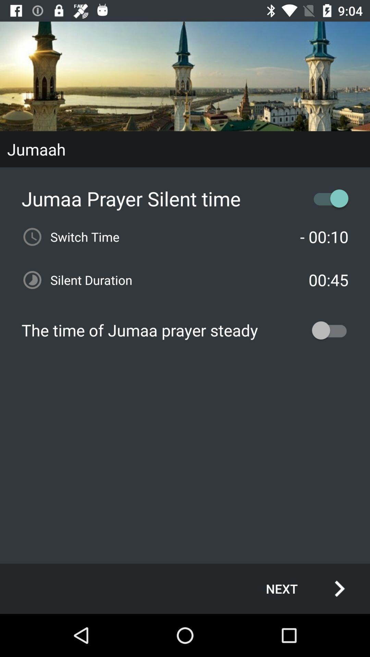 Image resolution: width=370 pixels, height=657 pixels. Describe the element at coordinates (298, 588) in the screenshot. I see `the icon below the the time of icon` at that location.